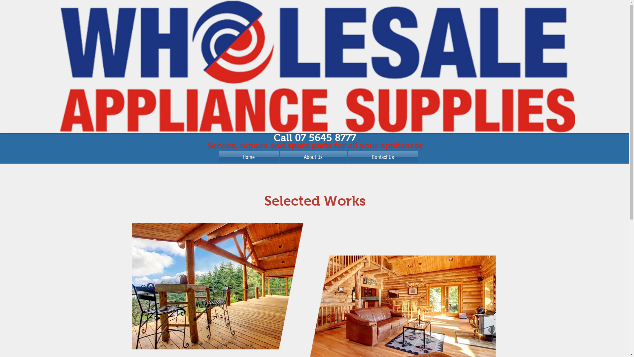  I want to click on 'Contact Us', so click(382, 157).